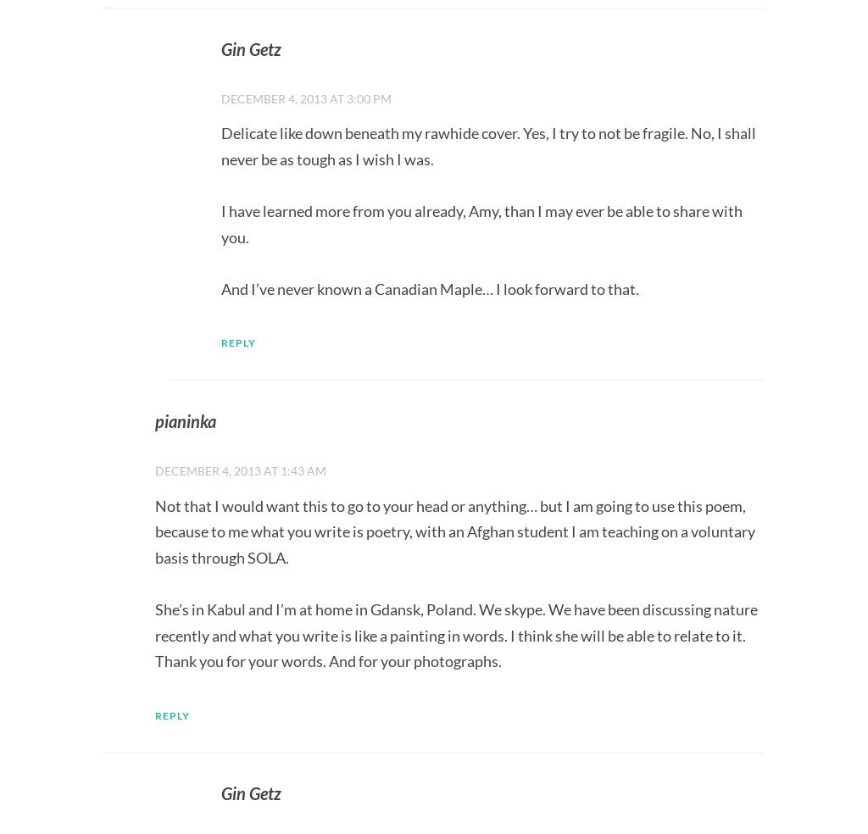  I want to click on 'pianinka', so click(154, 420).